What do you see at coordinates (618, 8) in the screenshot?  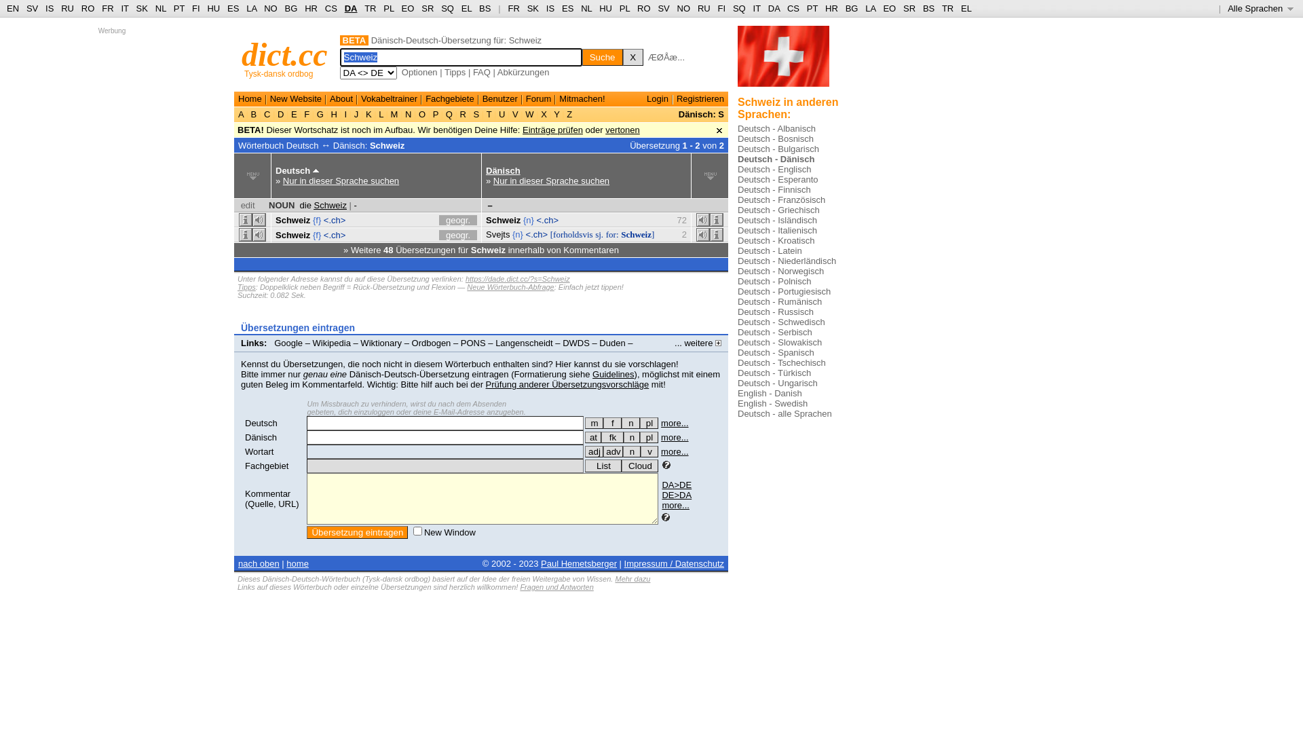 I see `'PL'` at bounding box center [618, 8].